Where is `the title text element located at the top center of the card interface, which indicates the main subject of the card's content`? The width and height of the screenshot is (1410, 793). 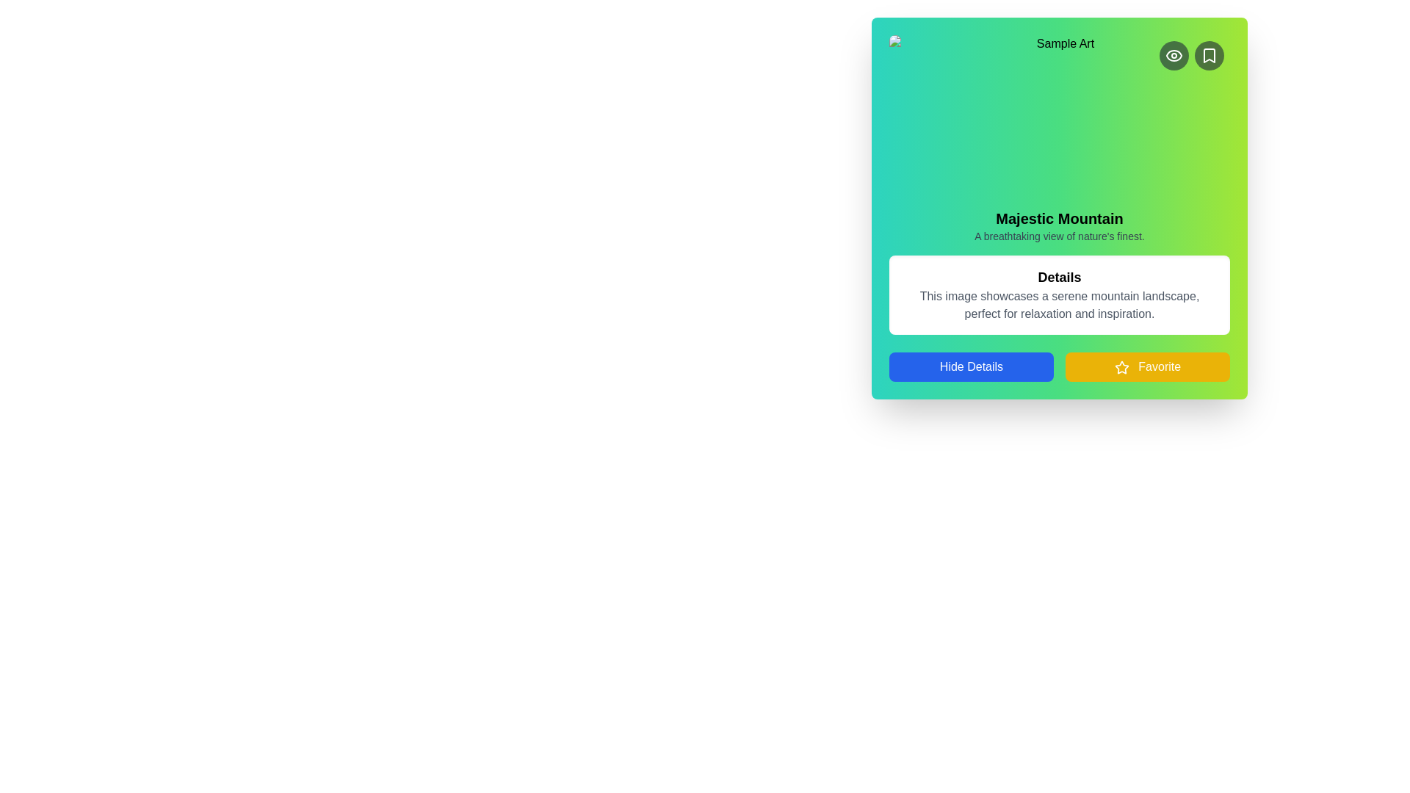 the title text element located at the top center of the card interface, which indicates the main subject of the card's content is located at coordinates (1060, 218).